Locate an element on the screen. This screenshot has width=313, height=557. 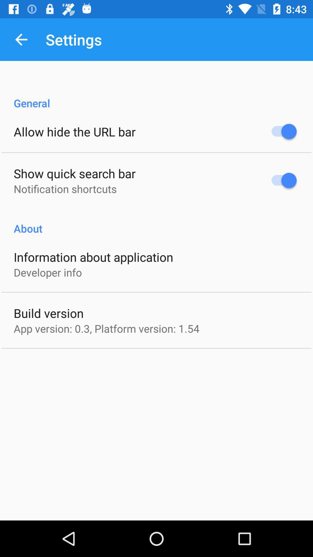
the item to the left of the settings is located at coordinates (21, 39).